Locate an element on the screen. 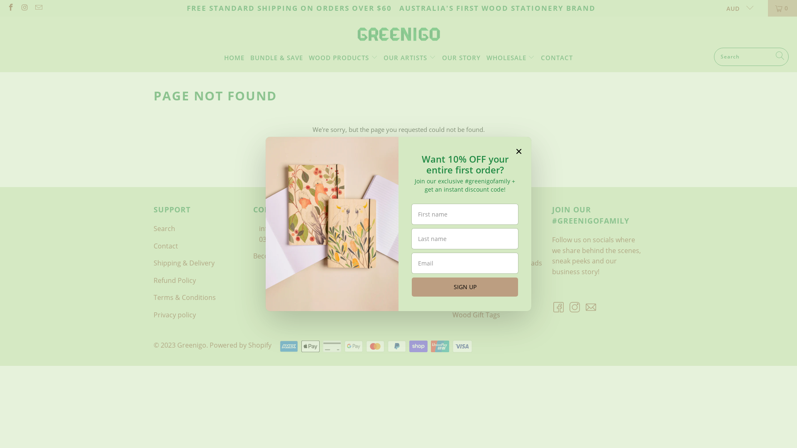 Image resolution: width=797 pixels, height=448 pixels. 'HOME' is located at coordinates (234, 57).